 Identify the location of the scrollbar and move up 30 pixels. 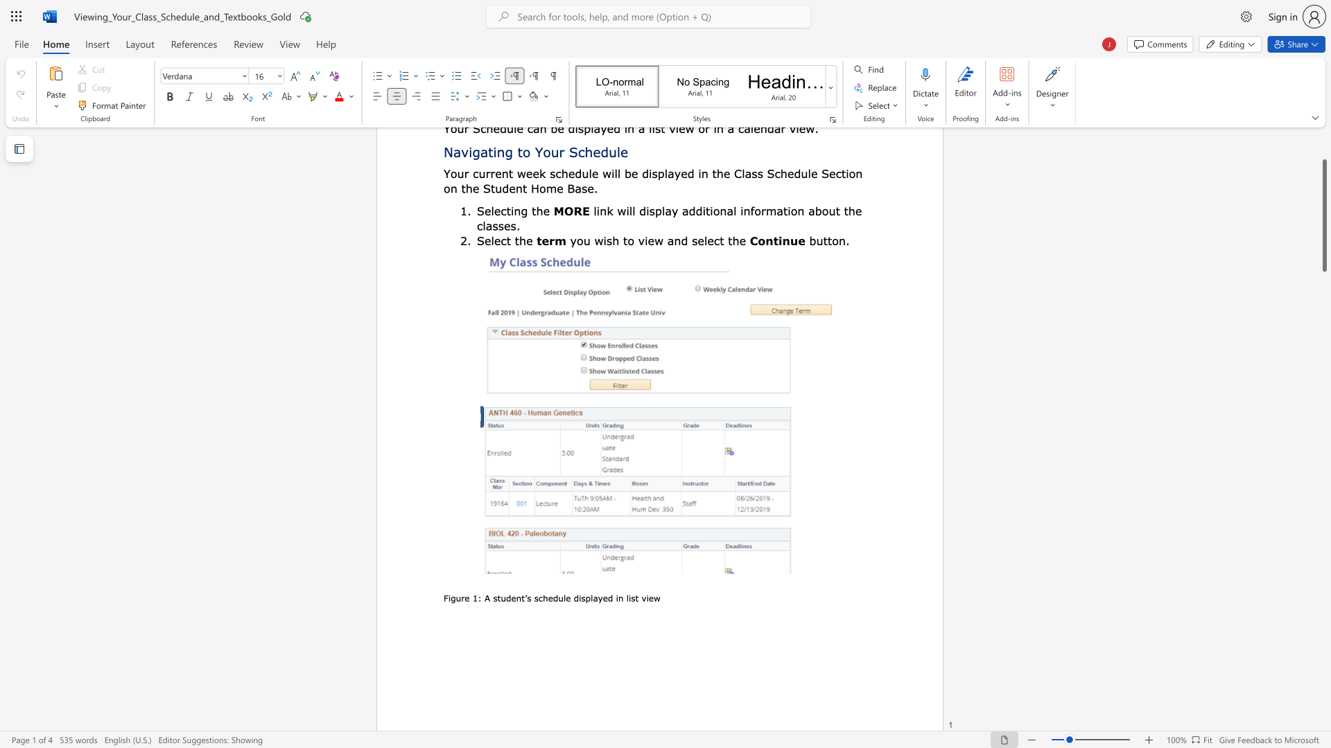
(1323, 215).